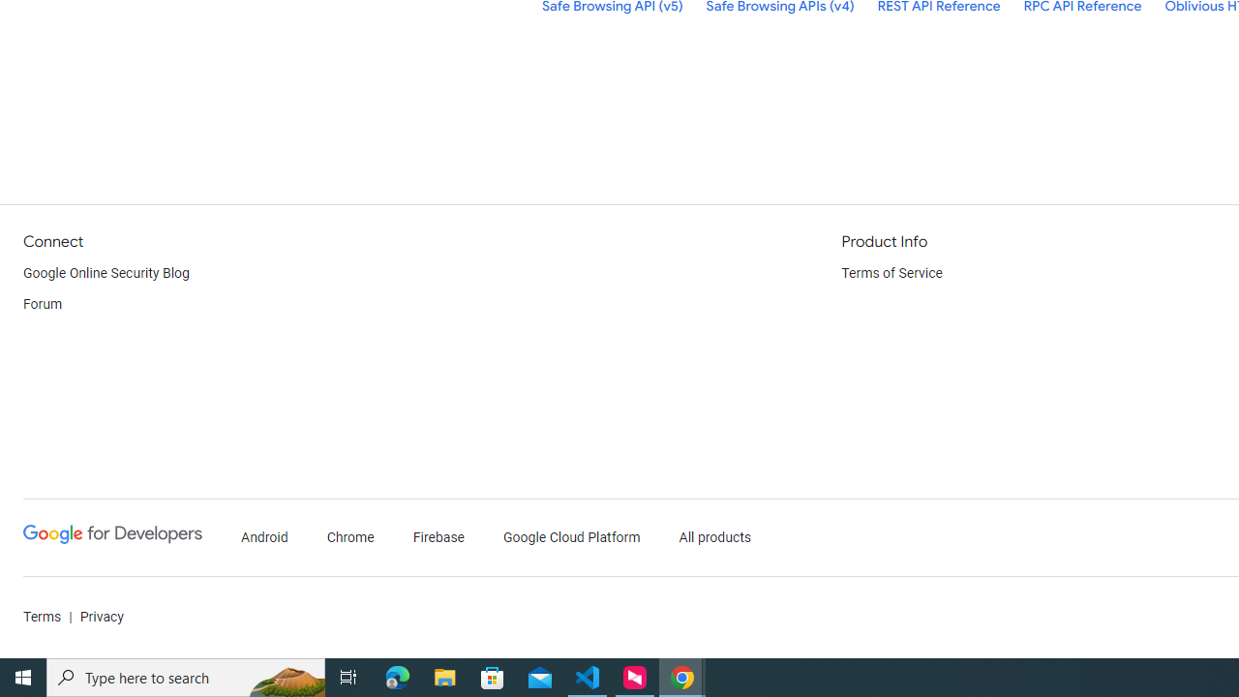  What do you see at coordinates (570, 537) in the screenshot?
I see `'Google Cloud Platform'` at bounding box center [570, 537].